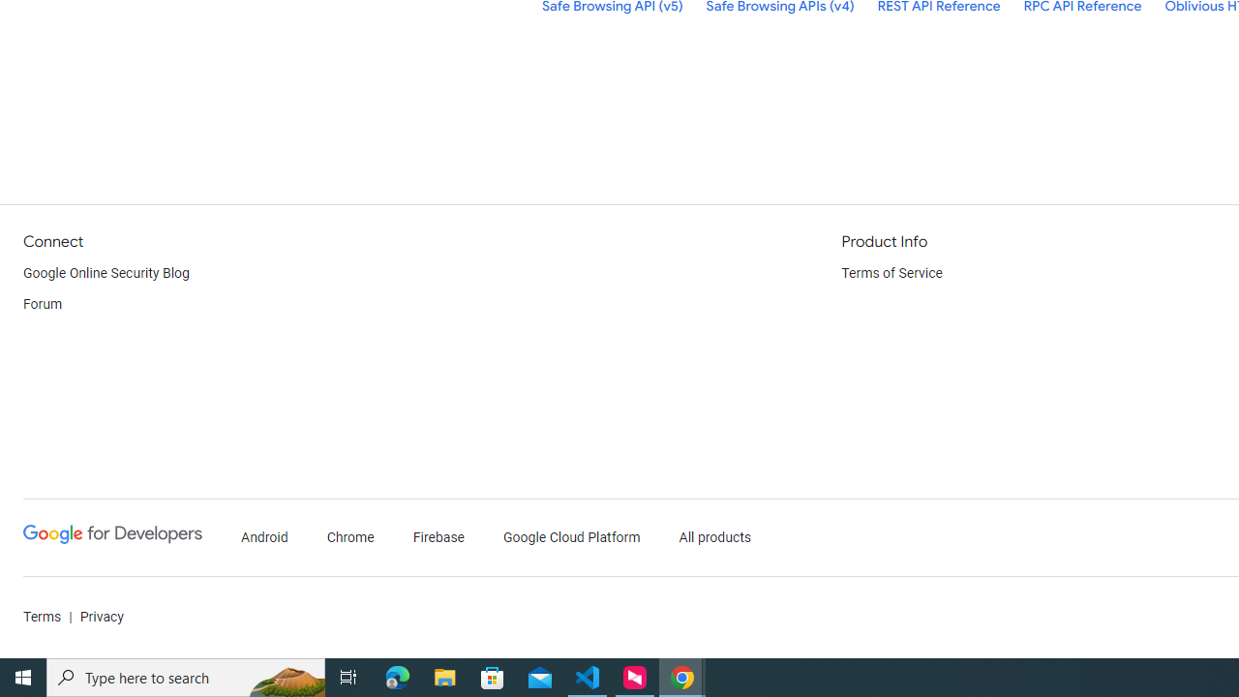  What do you see at coordinates (570, 537) in the screenshot?
I see `'Google Cloud Platform'` at bounding box center [570, 537].